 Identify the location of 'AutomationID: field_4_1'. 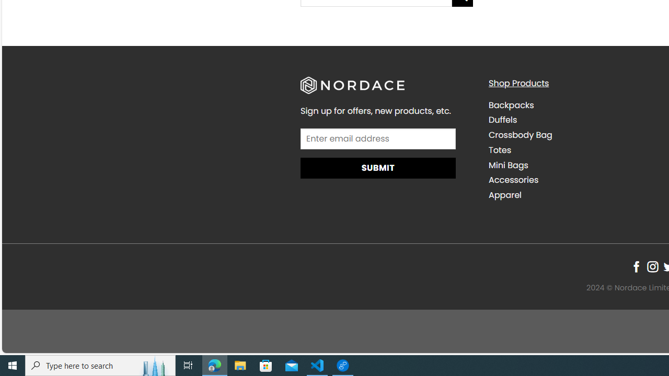
(377, 139).